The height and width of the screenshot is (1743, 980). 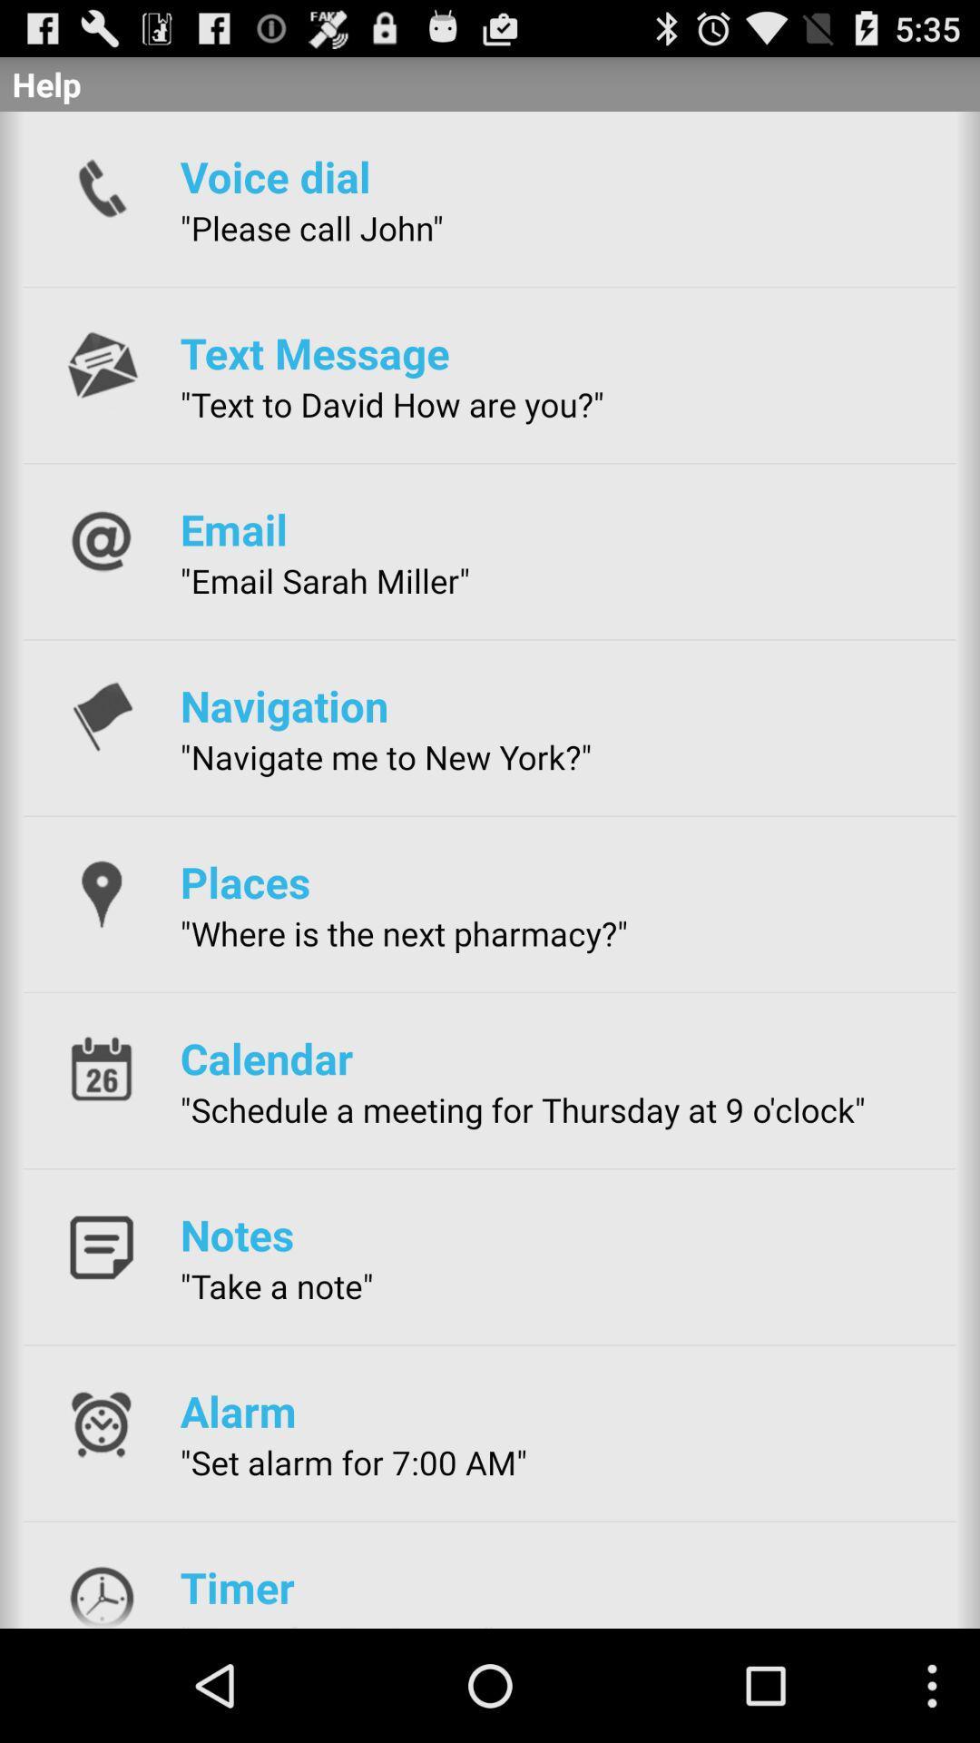 What do you see at coordinates (403, 933) in the screenshot?
I see `the where is the item` at bounding box center [403, 933].